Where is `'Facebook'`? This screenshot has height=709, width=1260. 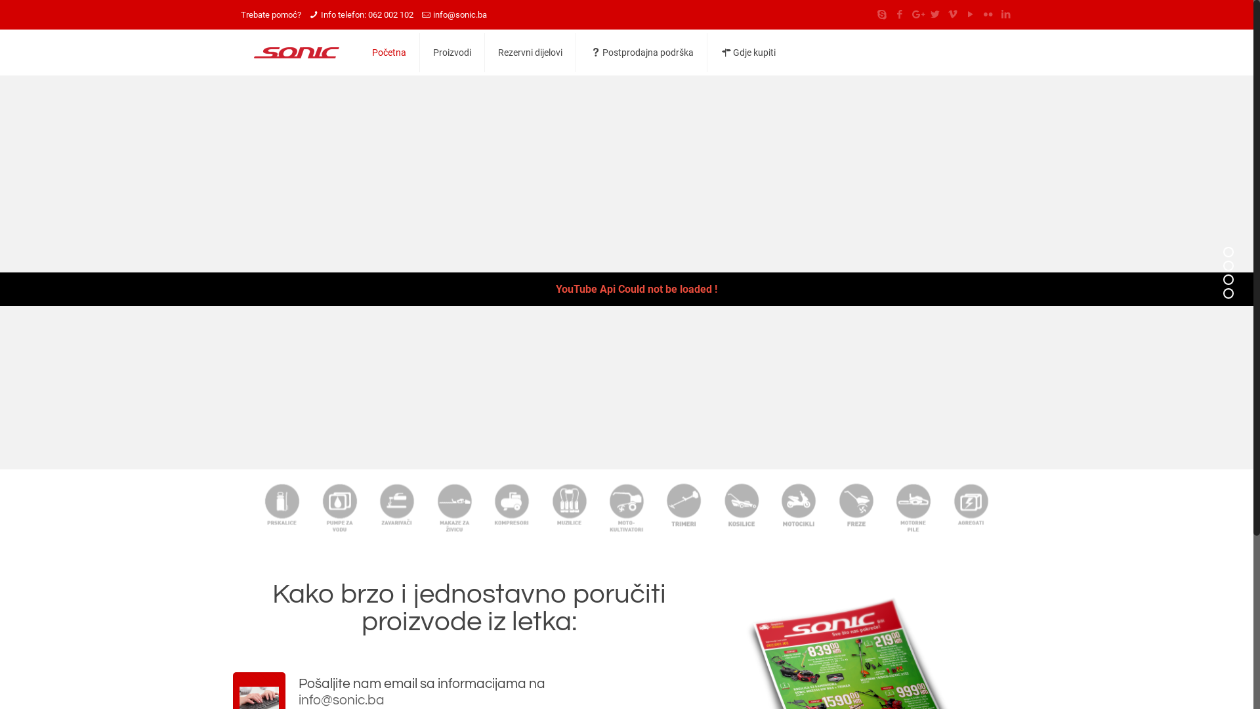
'Facebook' is located at coordinates (892, 14).